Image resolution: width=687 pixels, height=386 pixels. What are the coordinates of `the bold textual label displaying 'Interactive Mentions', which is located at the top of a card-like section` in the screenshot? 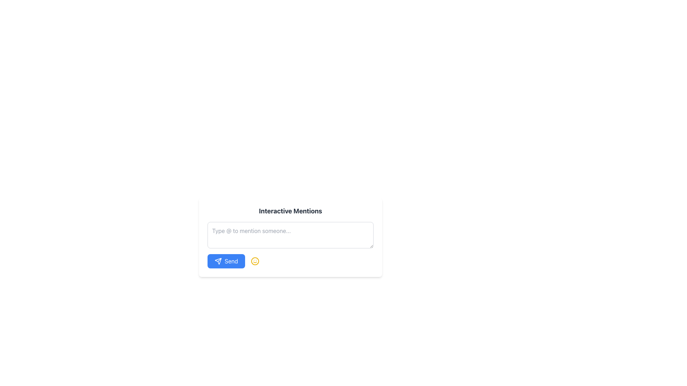 It's located at (290, 211).